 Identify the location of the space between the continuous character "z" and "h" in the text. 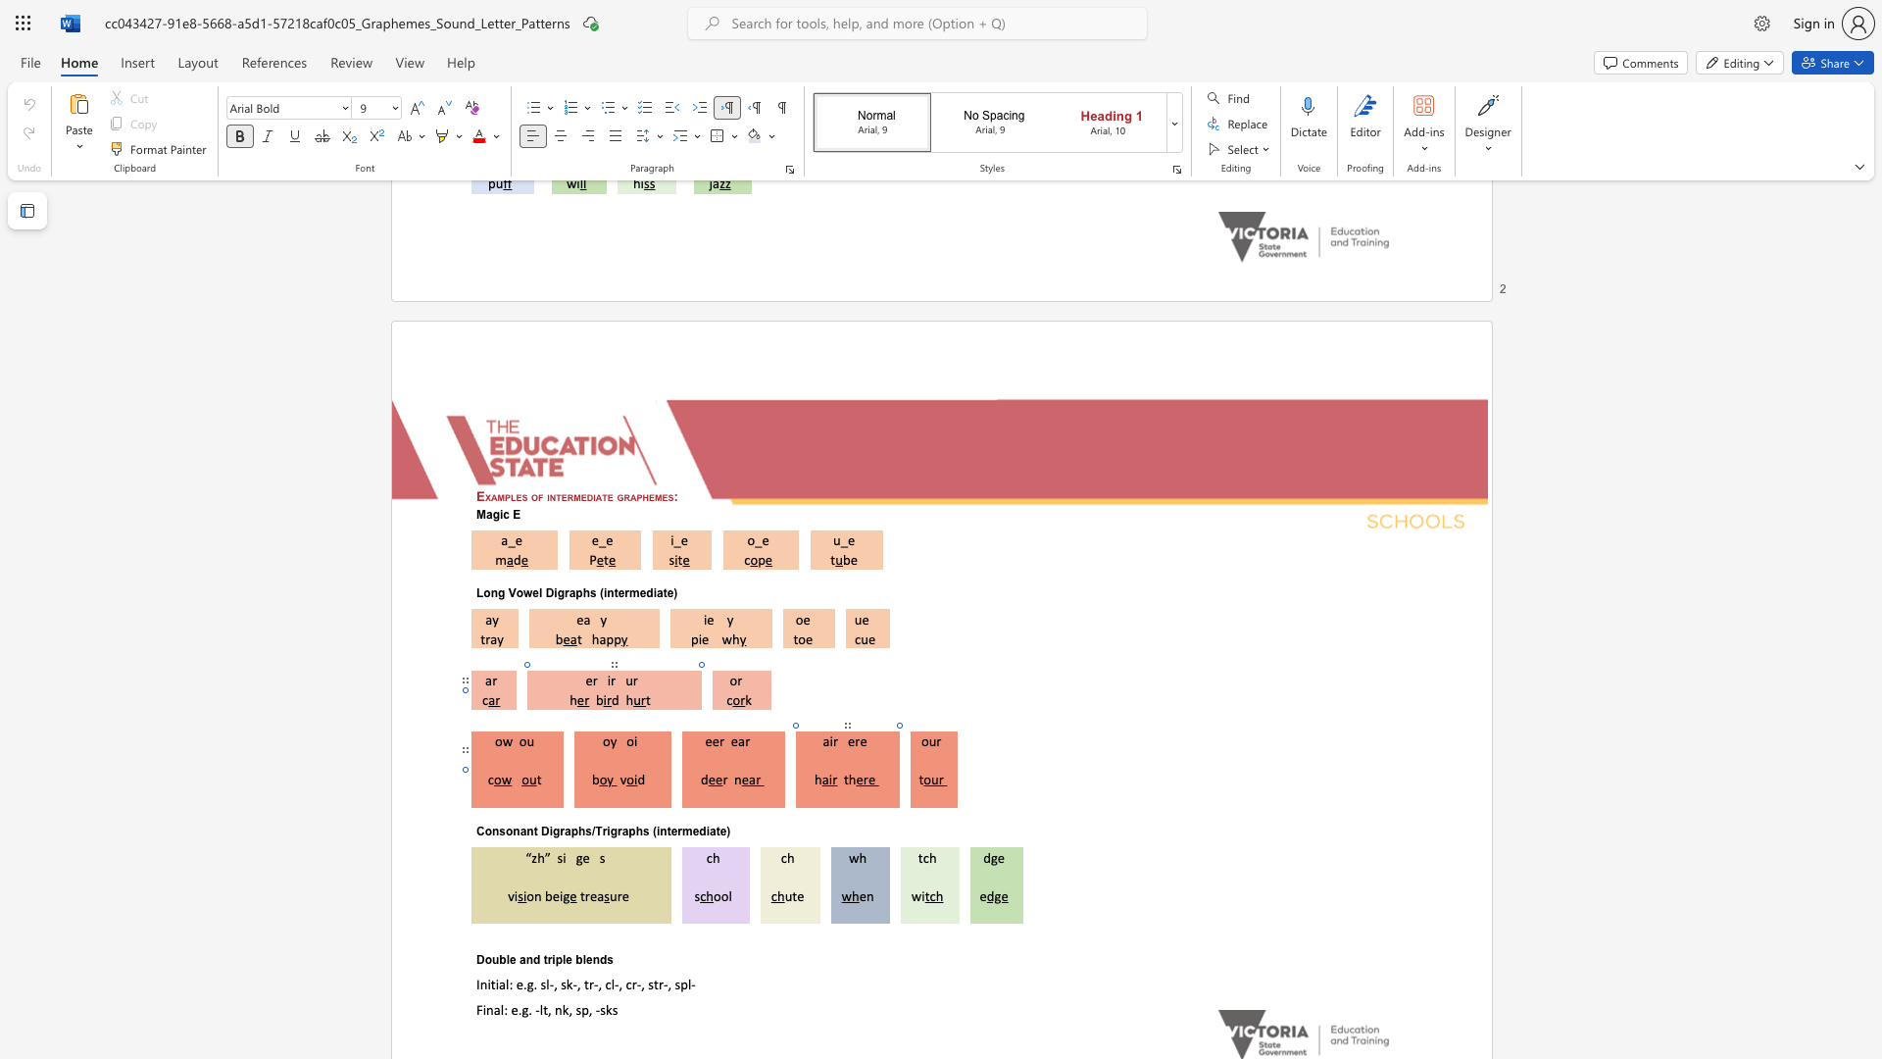
(537, 856).